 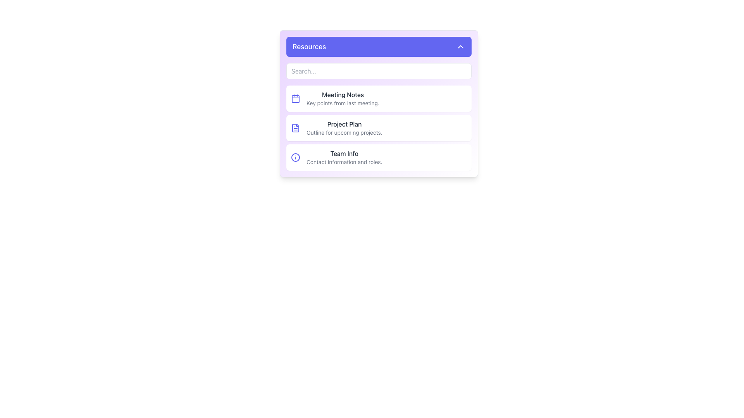 I want to click on the label displaying 'Key points from last meeting.' which is located below the header 'Meeting Notes' in the Resources widget layout, so click(x=343, y=103).